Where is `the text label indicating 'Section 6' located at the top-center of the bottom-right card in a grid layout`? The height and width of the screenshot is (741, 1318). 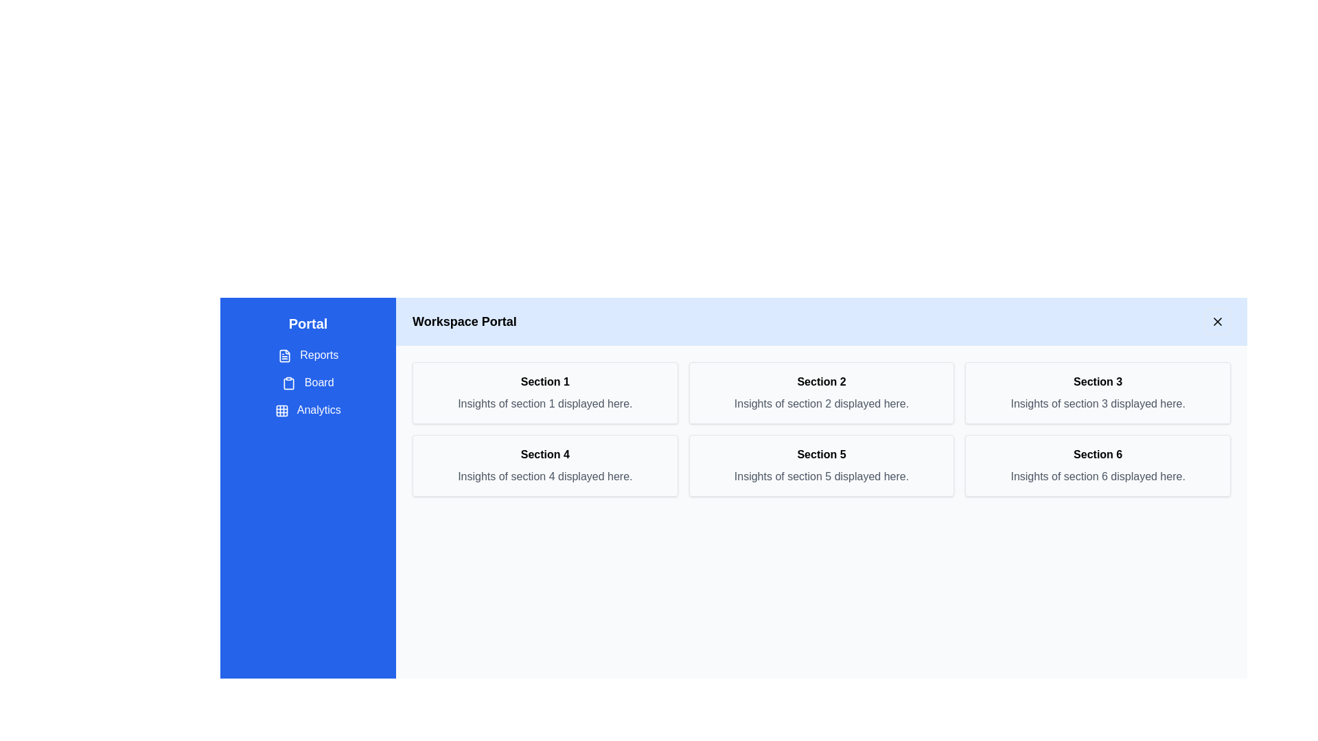
the text label indicating 'Section 6' located at the top-center of the bottom-right card in a grid layout is located at coordinates (1097, 455).